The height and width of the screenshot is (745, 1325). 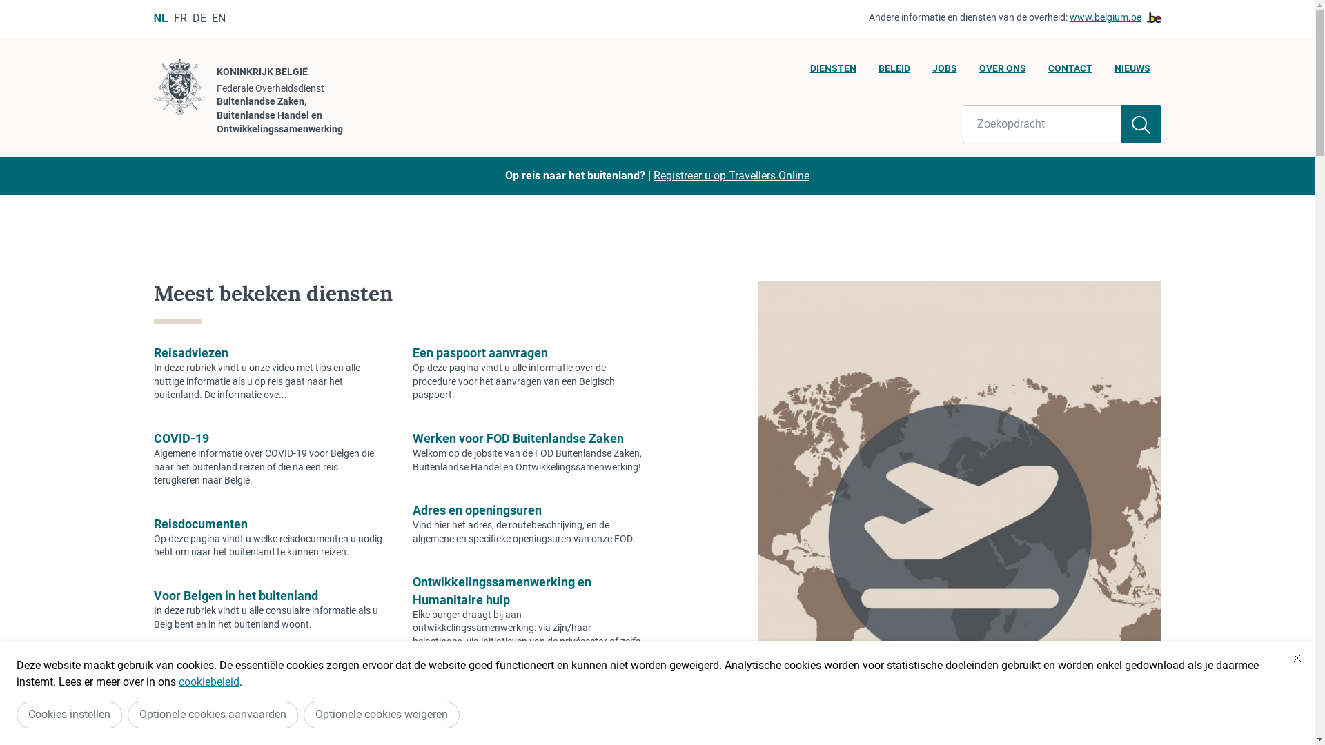 What do you see at coordinates (517, 438) in the screenshot?
I see `'Werken voor FOD Buitenlandse Zaken'` at bounding box center [517, 438].